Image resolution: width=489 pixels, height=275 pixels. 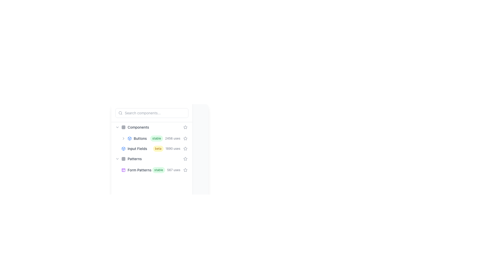 I want to click on the button located to the far right of the row containing the text 'Form Patterns stable 567 uses', so click(x=185, y=170).